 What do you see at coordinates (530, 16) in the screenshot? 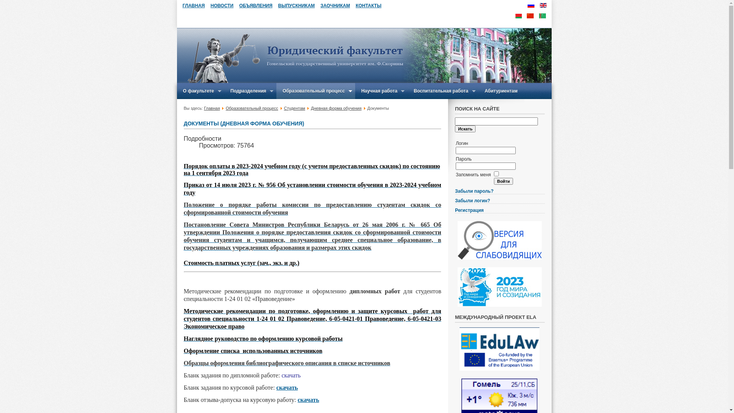
I see `'CN'` at bounding box center [530, 16].